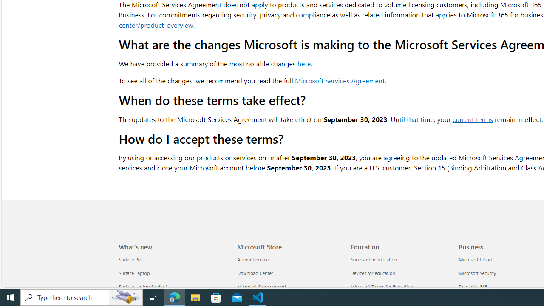 This screenshot has width=544, height=306. I want to click on 'Surface Laptop What', so click(134, 273).